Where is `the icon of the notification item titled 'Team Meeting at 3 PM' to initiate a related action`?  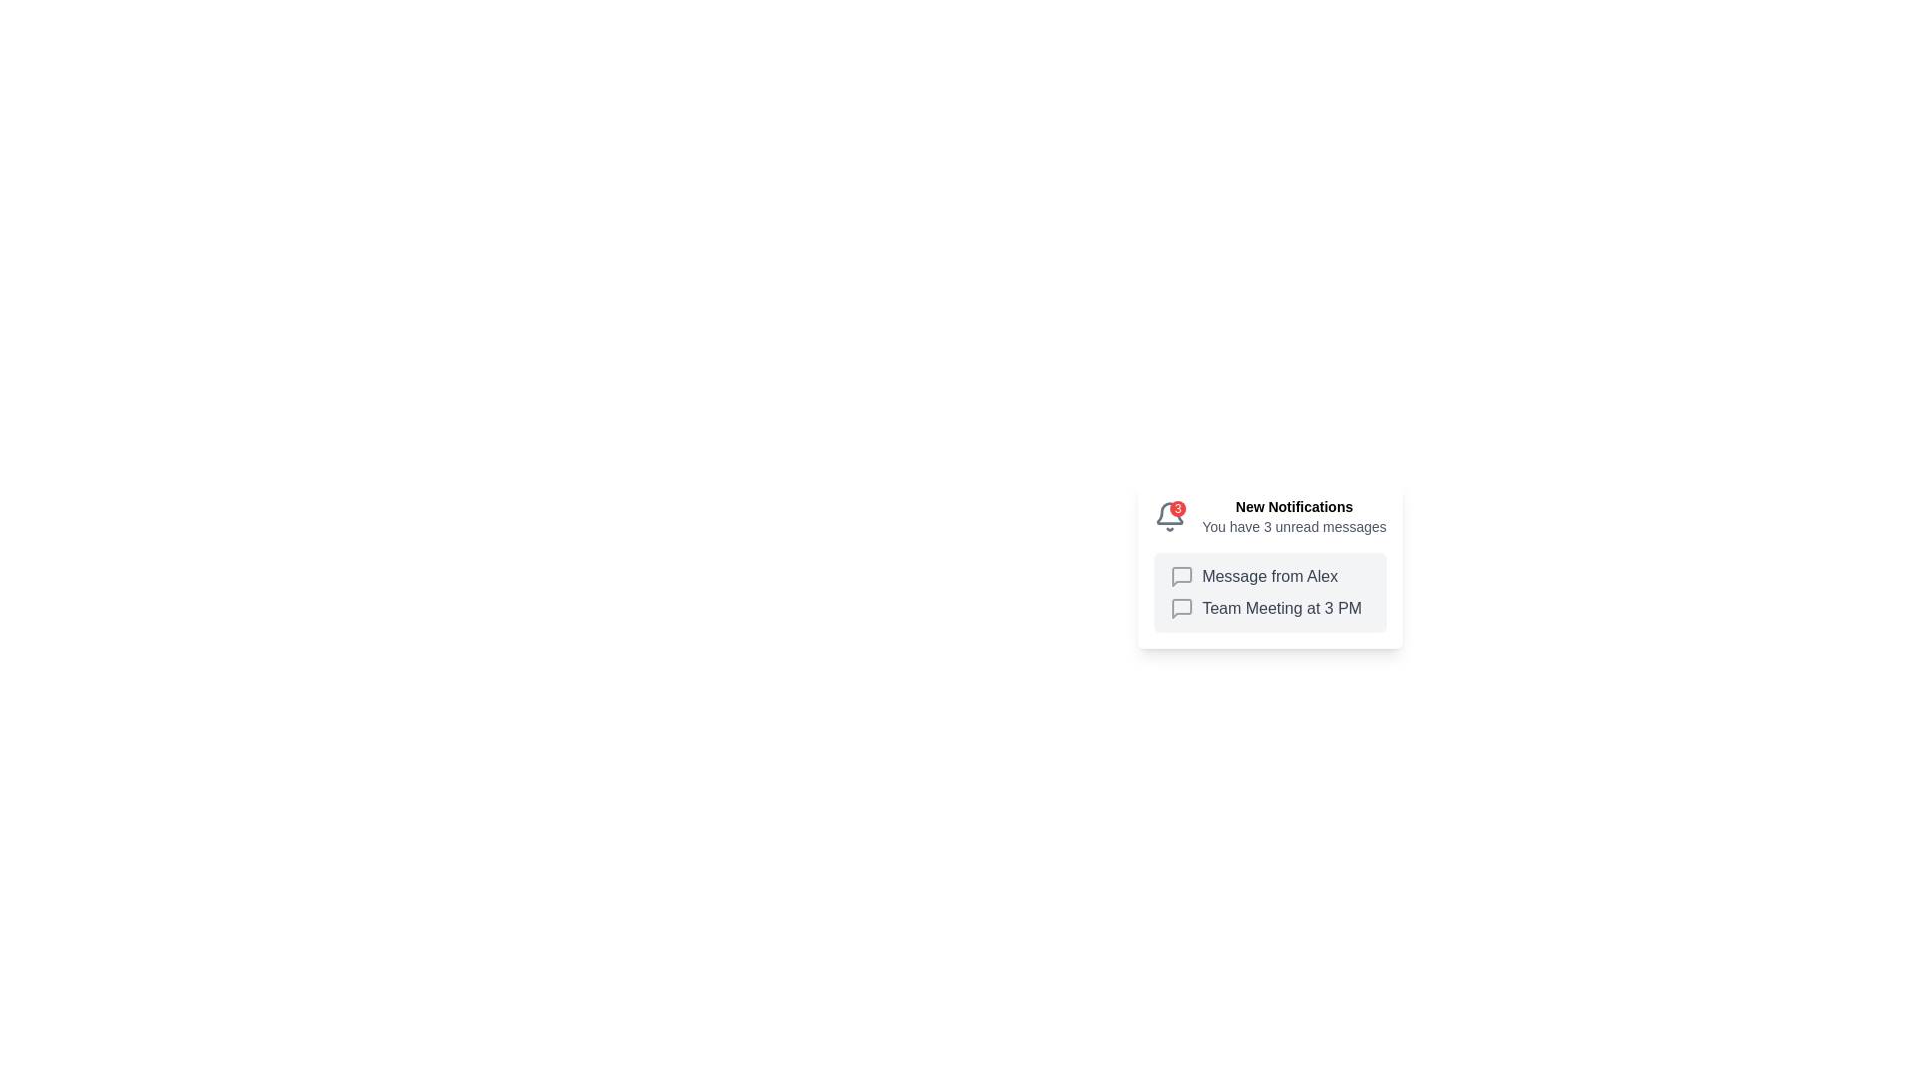 the icon of the notification item titled 'Team Meeting at 3 PM' to initiate a related action is located at coordinates (1269, 607).